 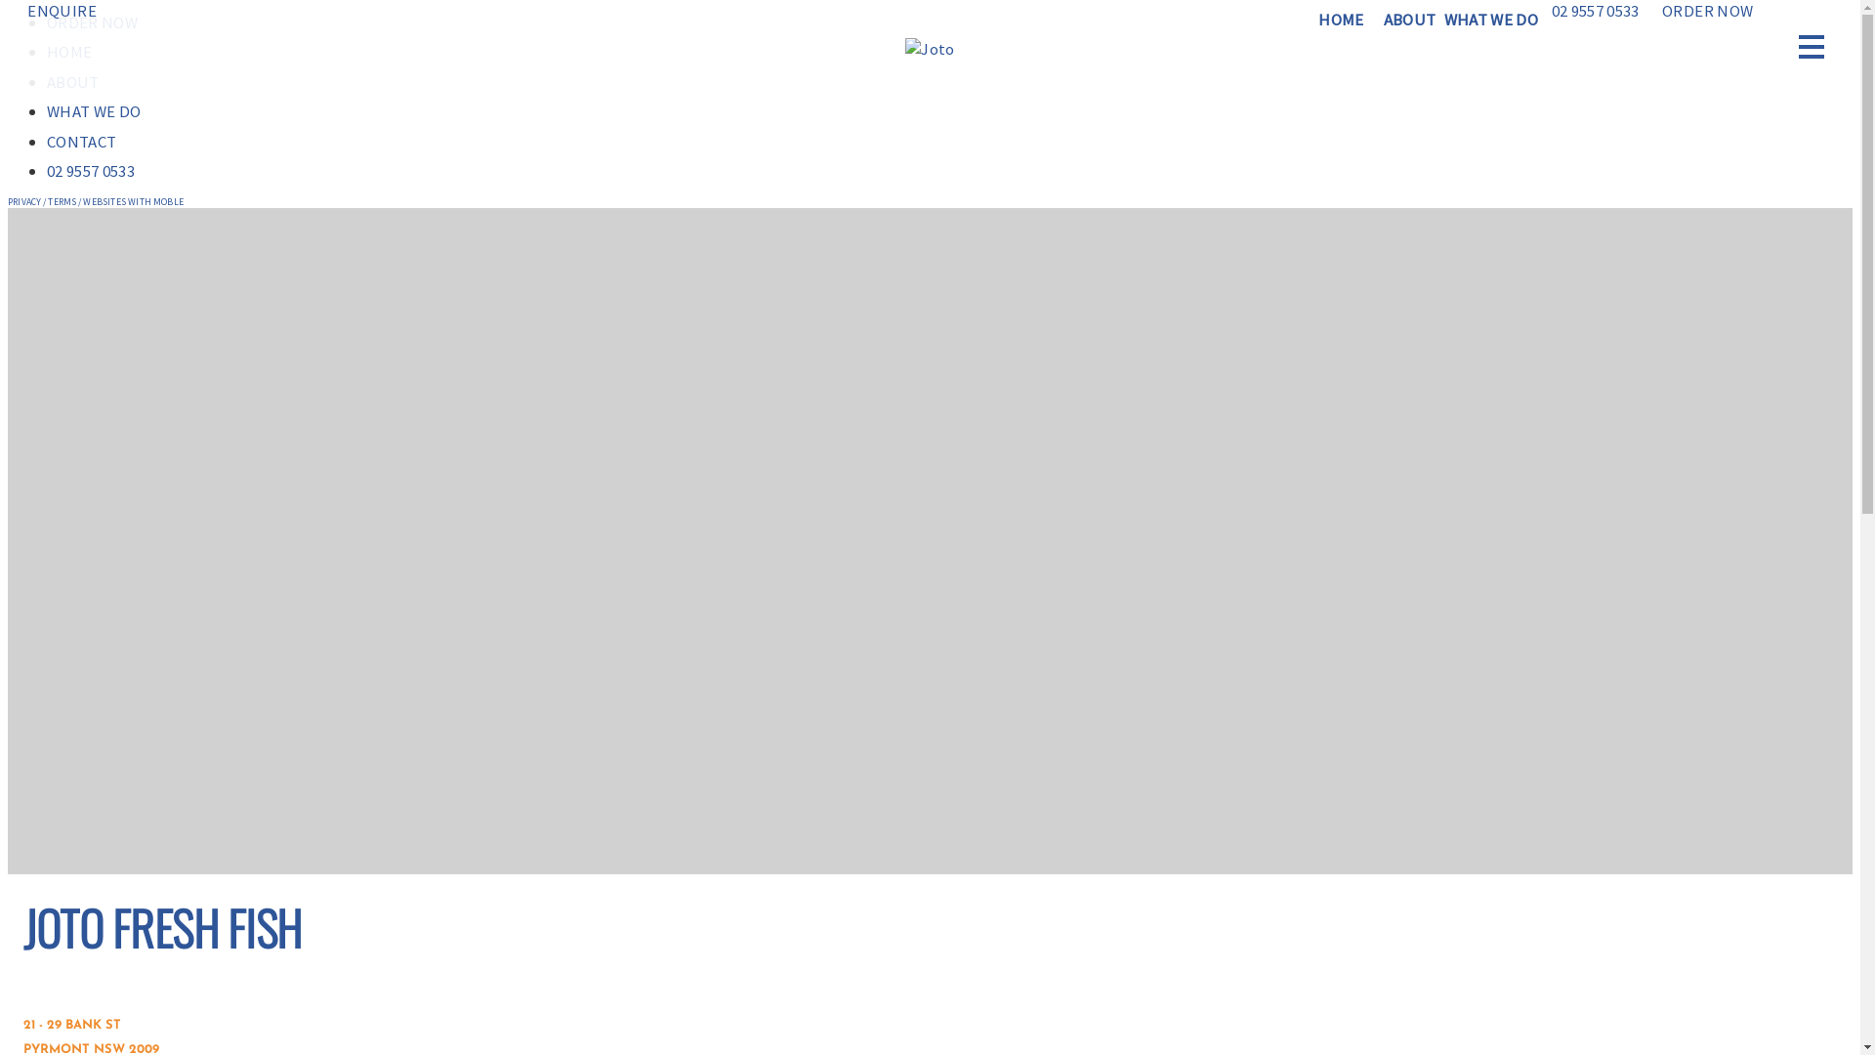 I want to click on 'ABOUT', so click(x=73, y=81).